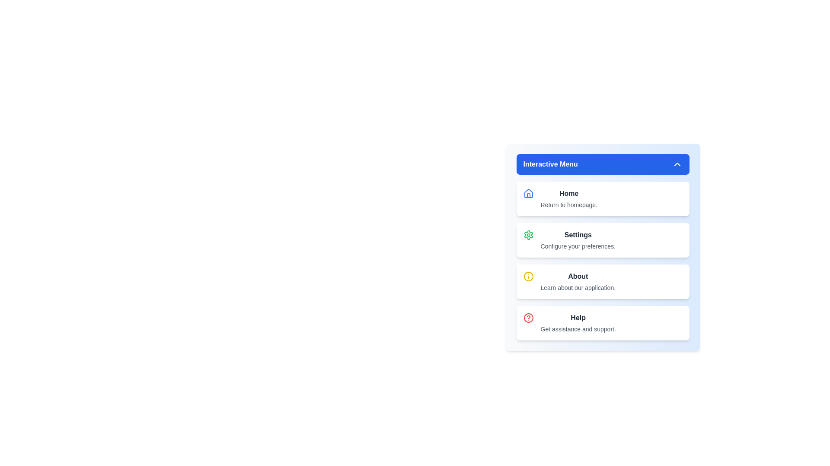 This screenshot has height=466, width=830. I want to click on the 'Home' text label in the menu, which indicates the current or default page and is positioned above the 'Return to homepage.' text, so click(569, 193).